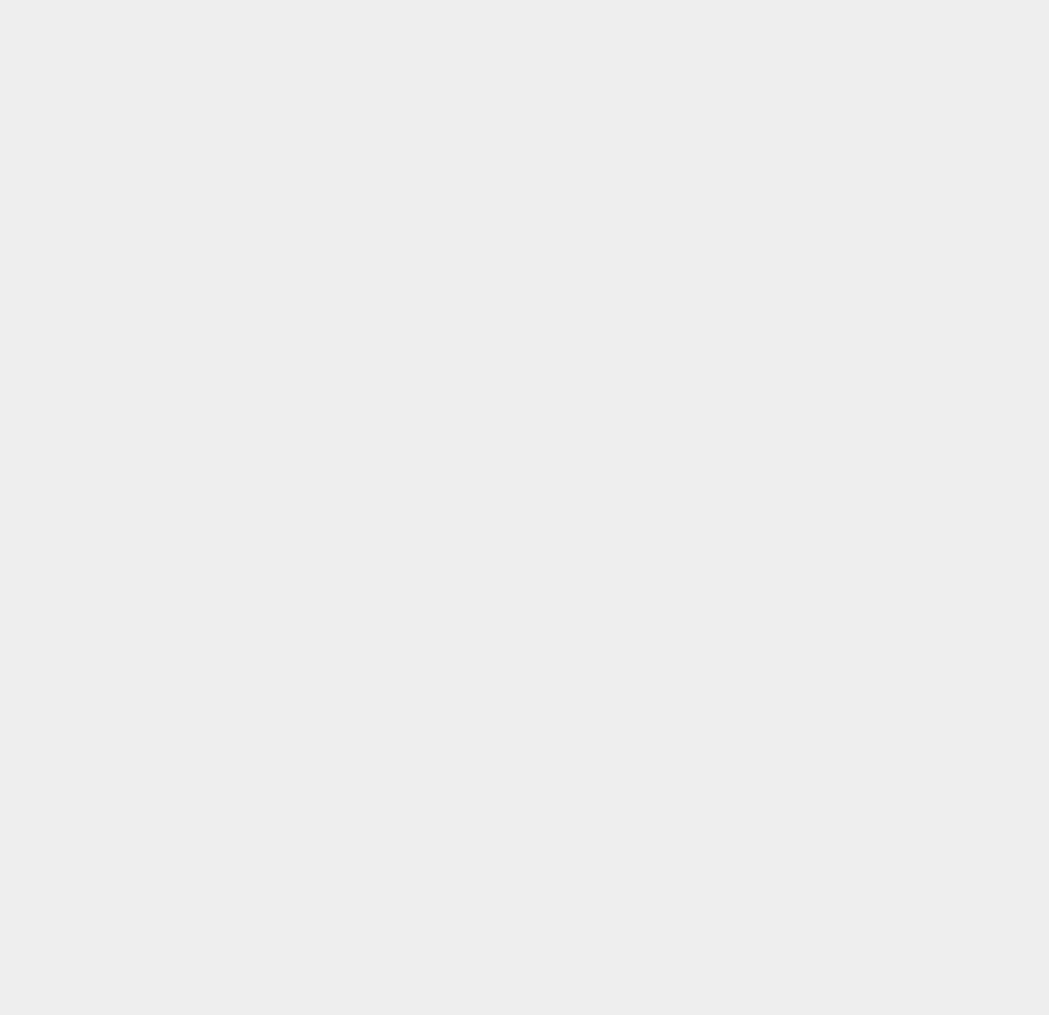 The height and width of the screenshot is (1015, 1049). I want to click on 'Currency', so click(742, 932).